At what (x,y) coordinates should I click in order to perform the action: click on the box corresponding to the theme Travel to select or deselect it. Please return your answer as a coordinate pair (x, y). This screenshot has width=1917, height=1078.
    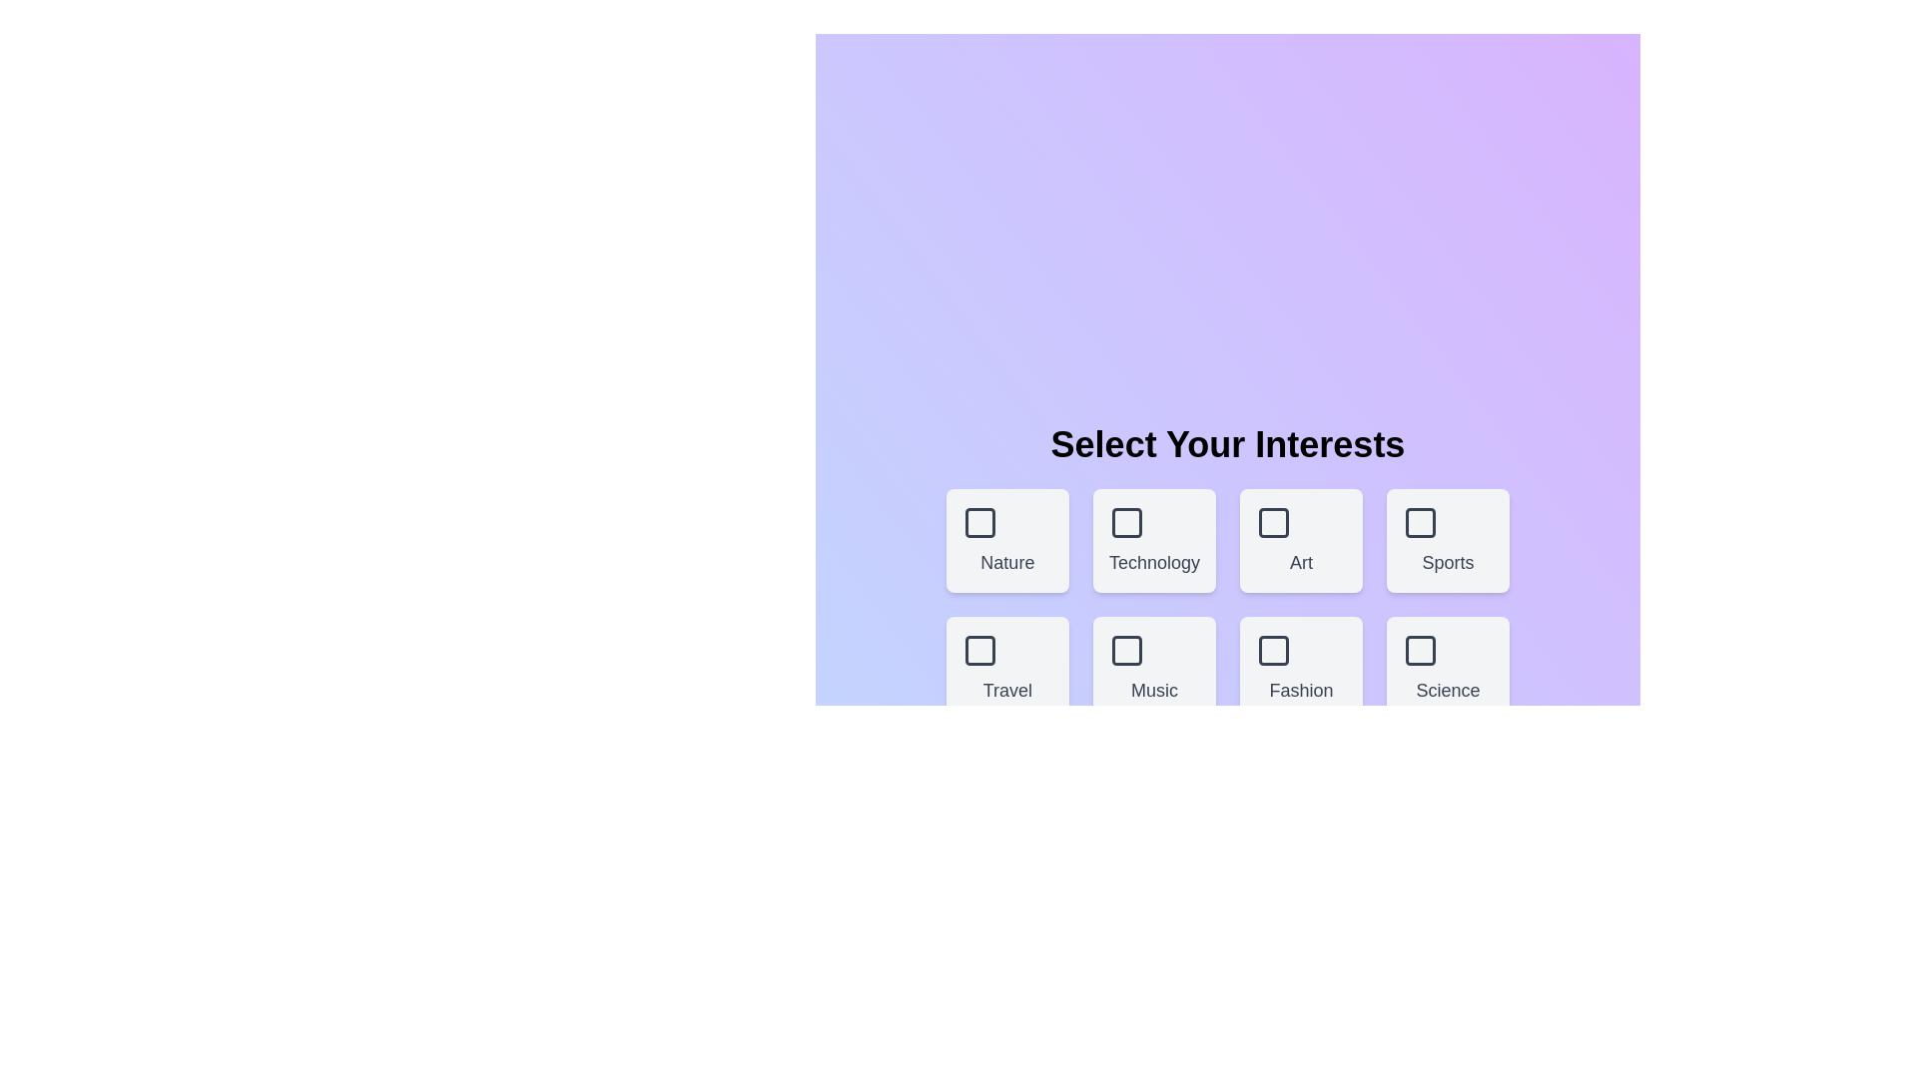
    Looking at the image, I should click on (1006, 669).